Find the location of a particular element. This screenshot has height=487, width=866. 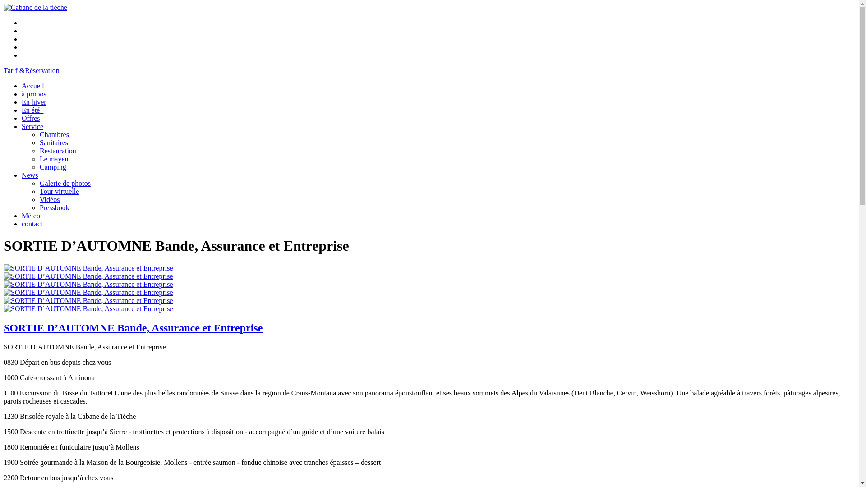

'Restauration' is located at coordinates (57, 150).